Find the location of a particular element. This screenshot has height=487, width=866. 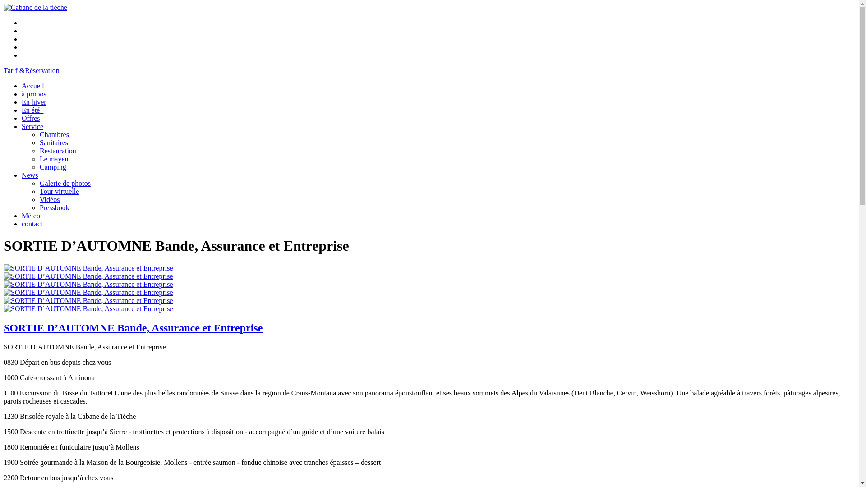

'Restauration' is located at coordinates (57, 150).